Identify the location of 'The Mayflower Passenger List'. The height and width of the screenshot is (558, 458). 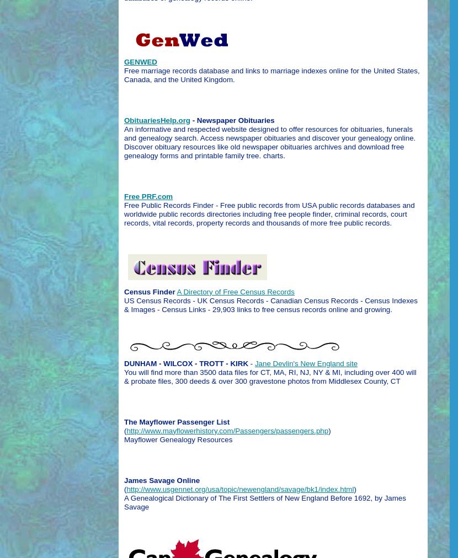
(176, 421).